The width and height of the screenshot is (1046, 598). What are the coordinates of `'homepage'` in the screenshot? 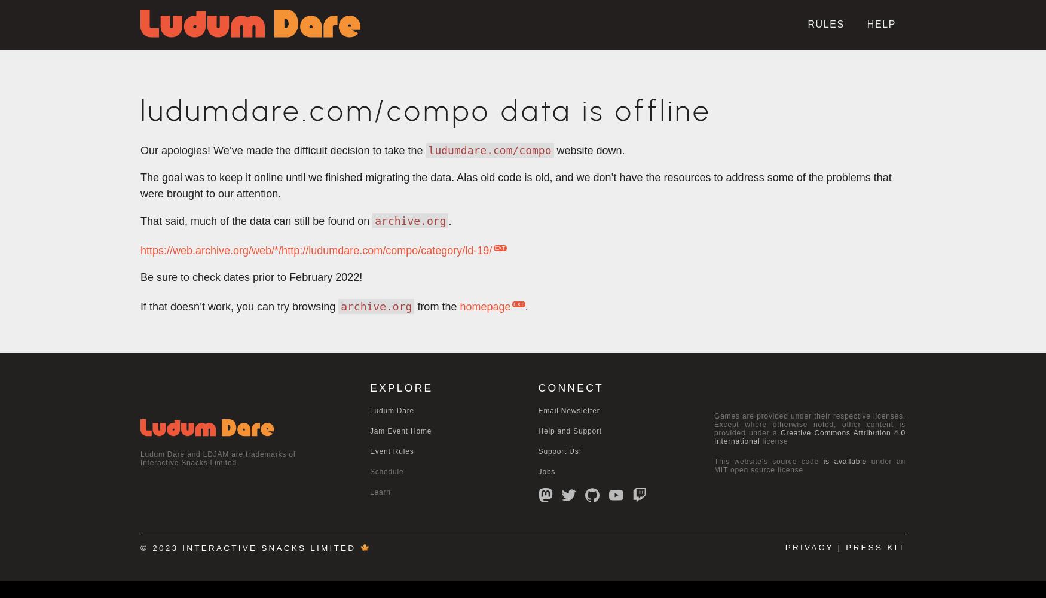 It's located at (484, 307).